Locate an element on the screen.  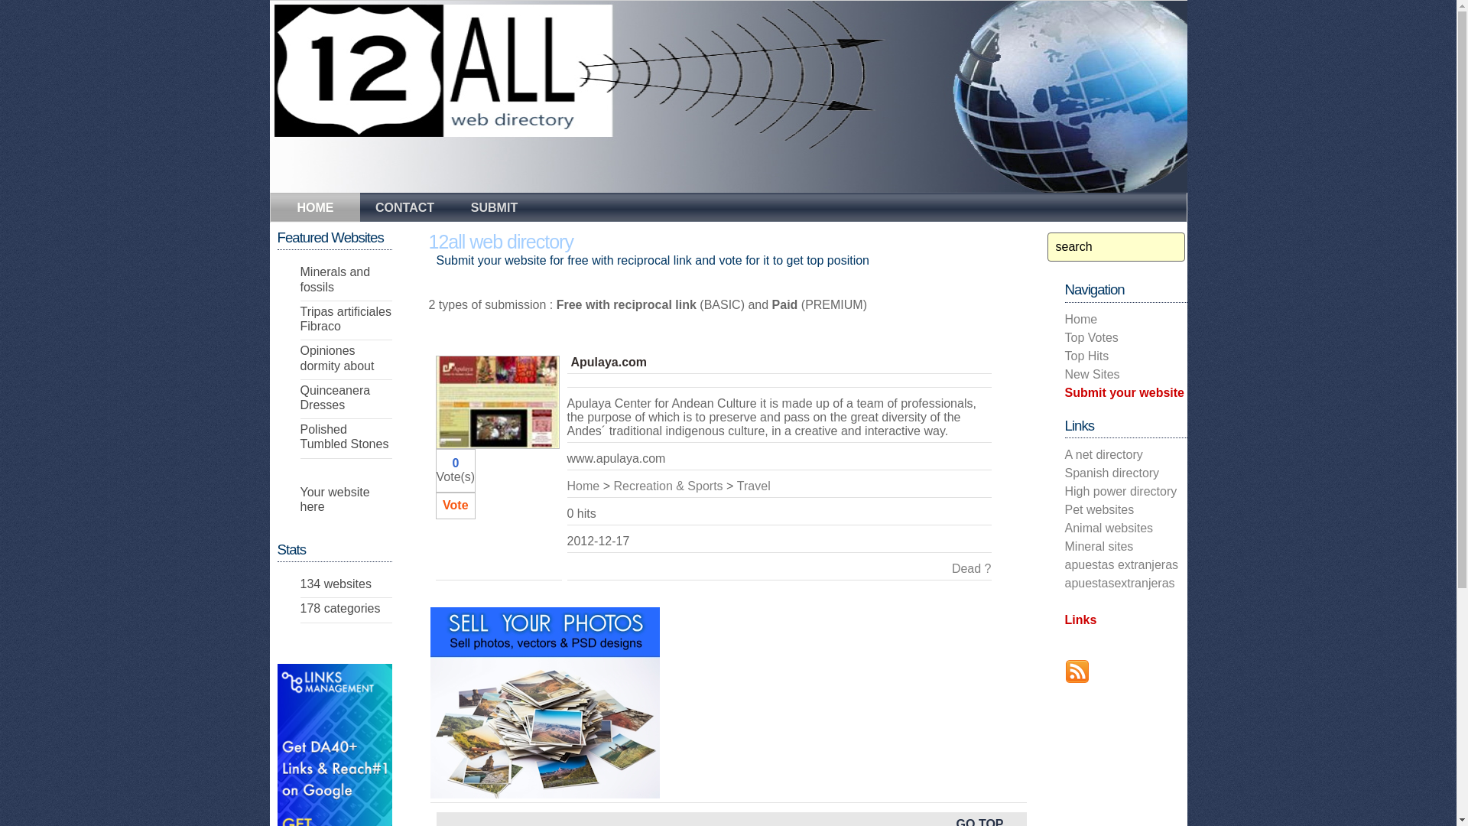
'Spanish directory' is located at coordinates (1112, 472).